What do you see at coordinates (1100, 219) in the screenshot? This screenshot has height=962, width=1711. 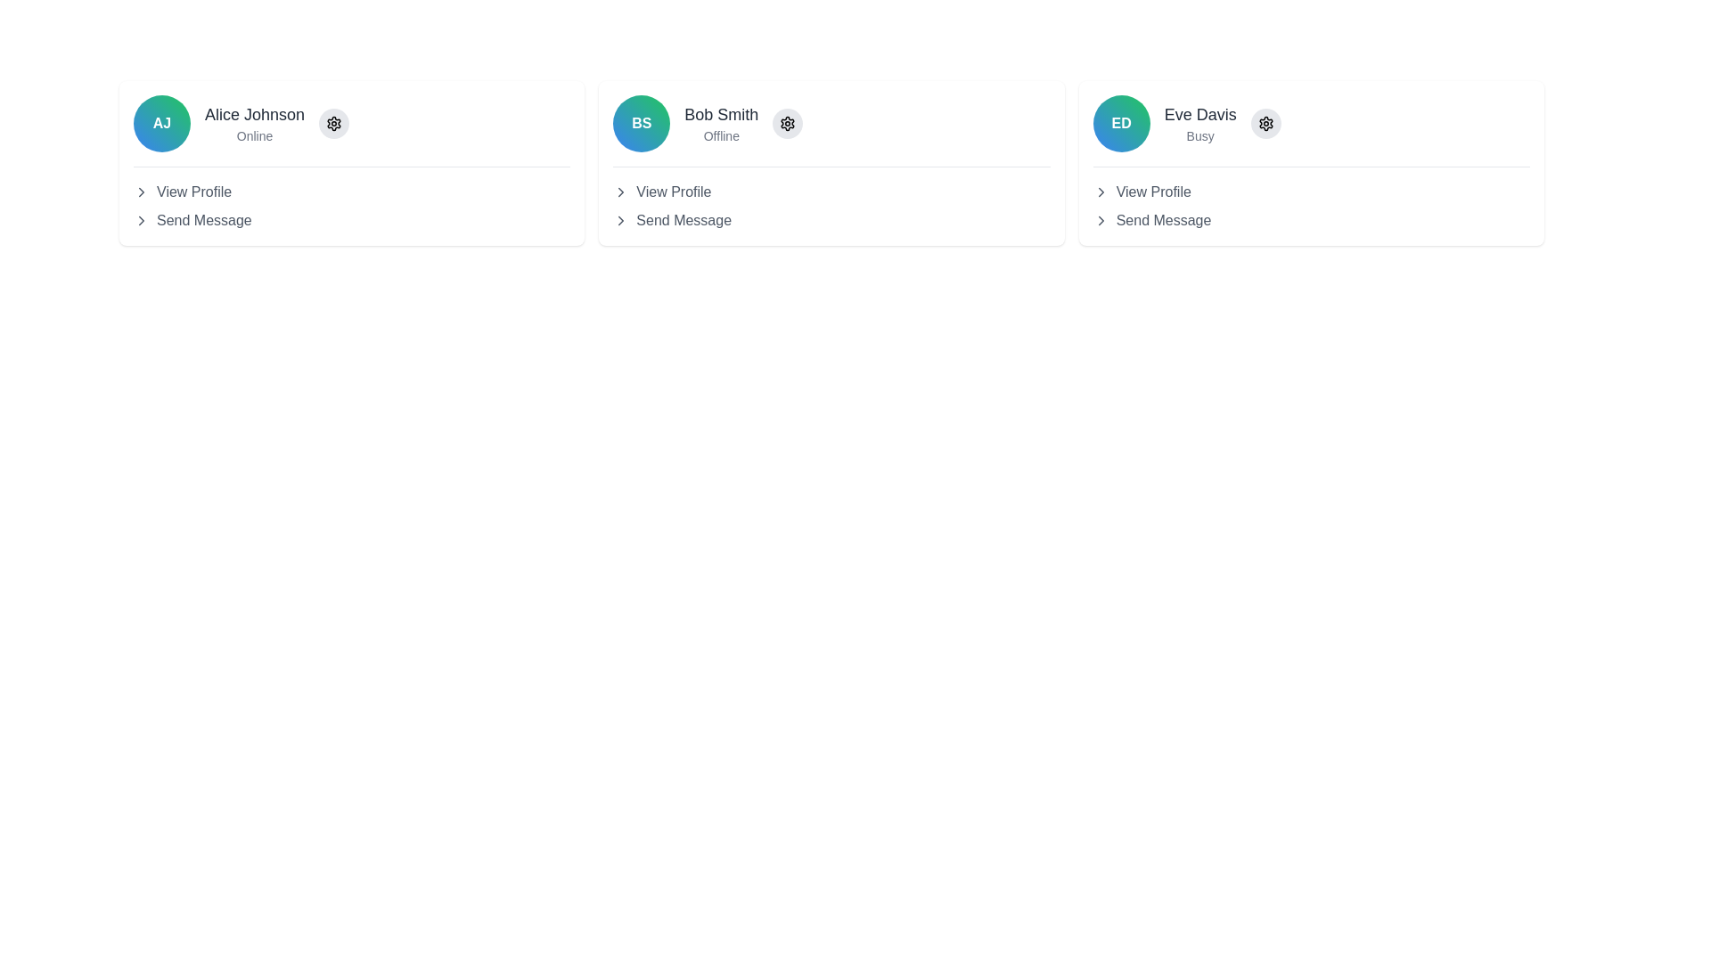 I see `the right-pointing chevron icon located within the 'Send Message' menu option associated with the user card of 'Eve Davis'` at bounding box center [1100, 219].